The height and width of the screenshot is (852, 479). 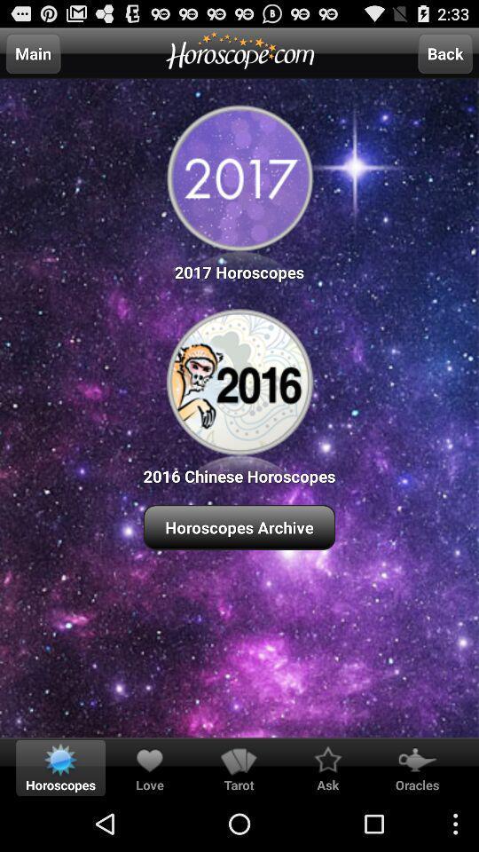 What do you see at coordinates (33, 52) in the screenshot?
I see `main item` at bounding box center [33, 52].